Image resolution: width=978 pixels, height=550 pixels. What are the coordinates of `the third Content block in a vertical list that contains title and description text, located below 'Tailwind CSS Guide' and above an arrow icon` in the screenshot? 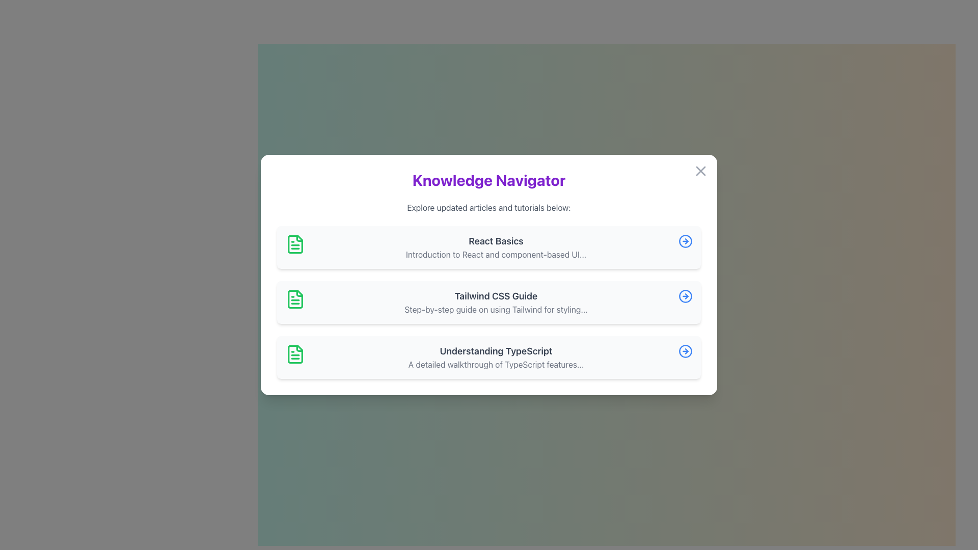 It's located at (496, 357).